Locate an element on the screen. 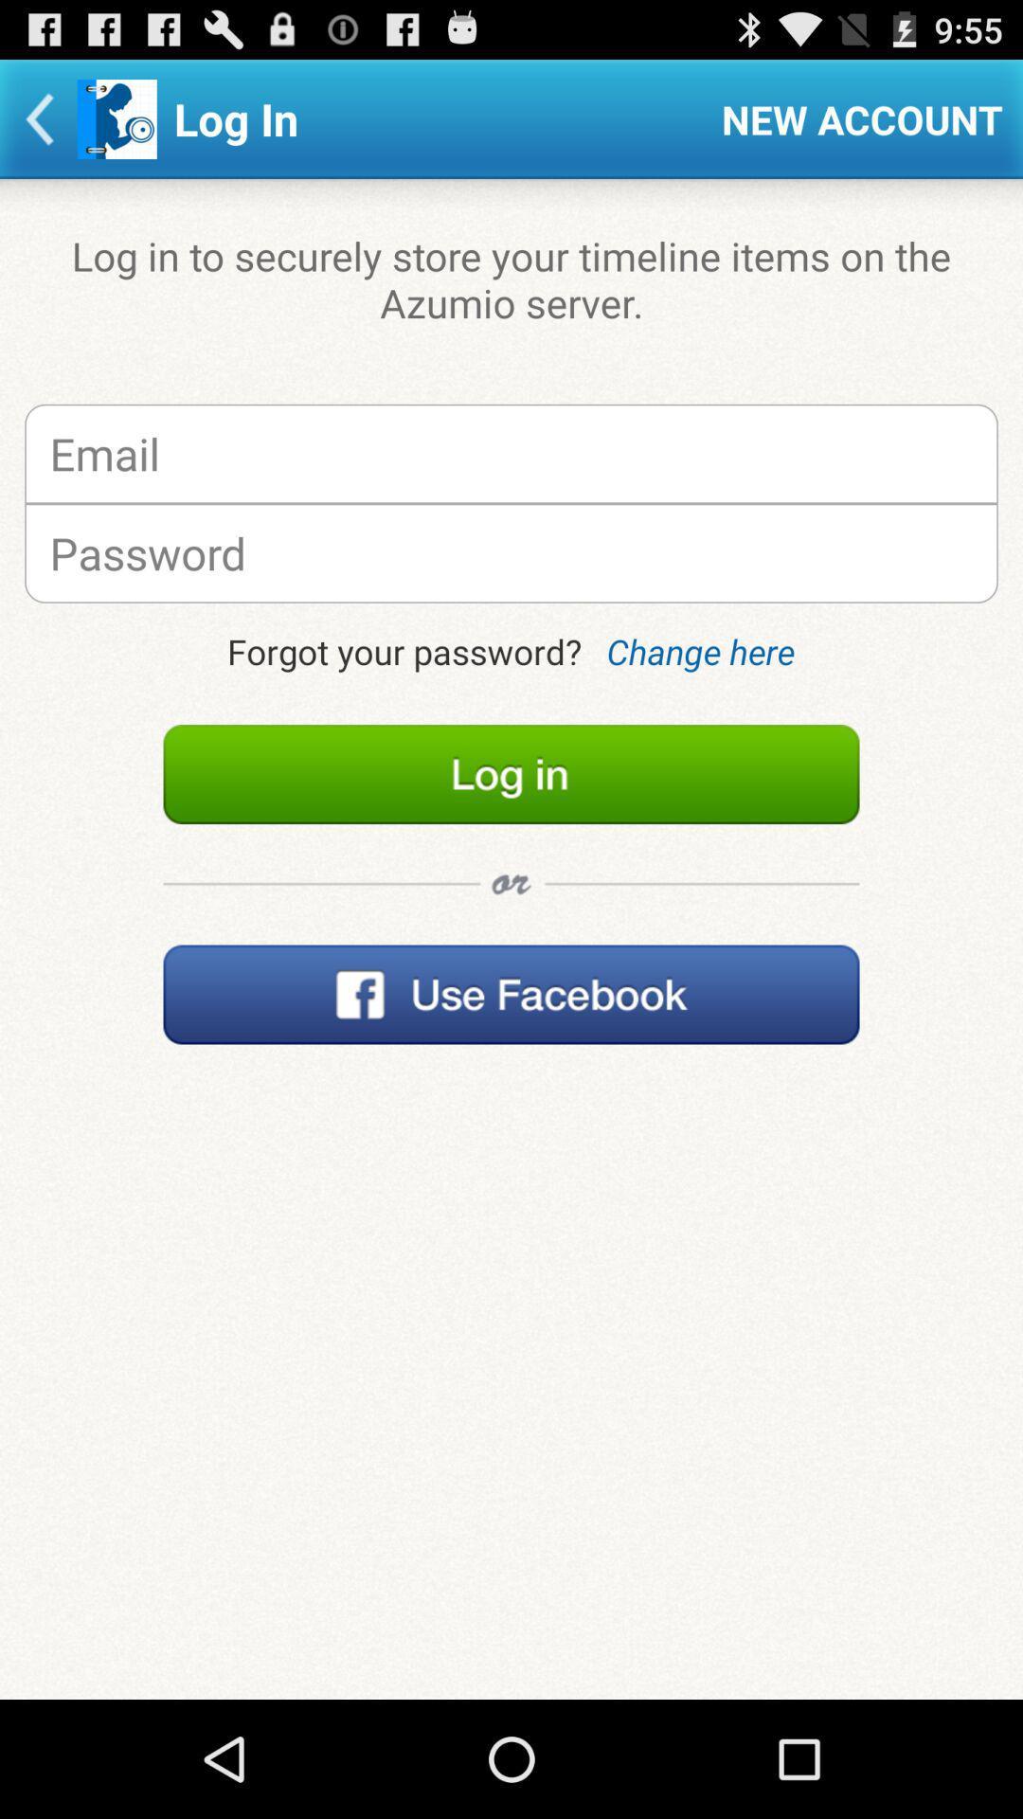 This screenshot has width=1023, height=1819. item below the forgot your password? icon is located at coordinates (511, 774).